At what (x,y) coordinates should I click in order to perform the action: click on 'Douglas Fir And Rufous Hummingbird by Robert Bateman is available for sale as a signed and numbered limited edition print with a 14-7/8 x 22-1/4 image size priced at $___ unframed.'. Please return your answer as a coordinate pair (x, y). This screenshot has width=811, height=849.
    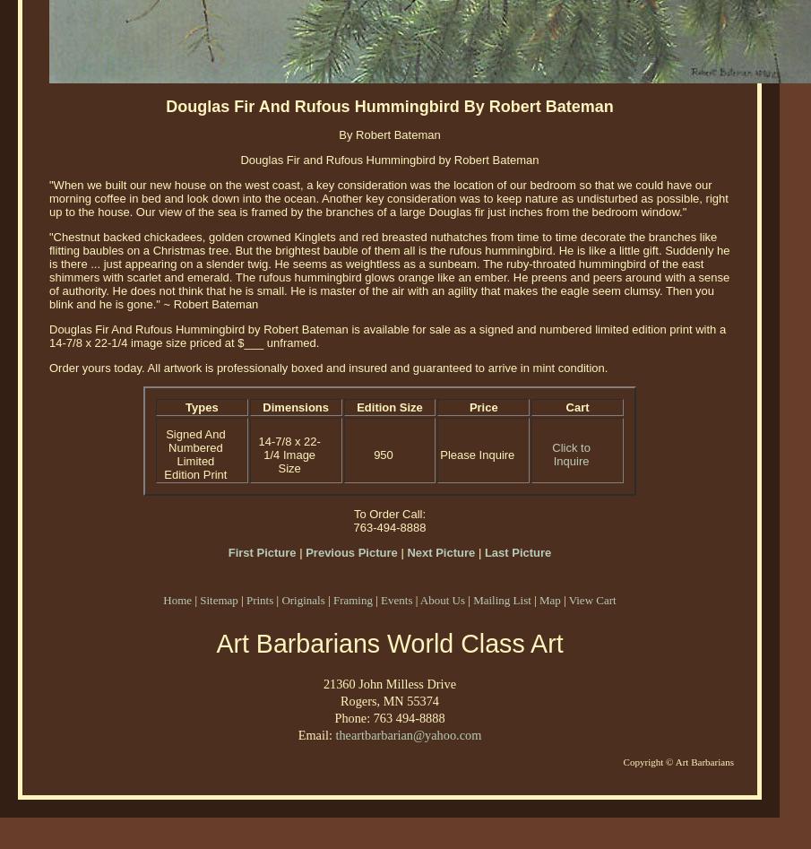
    Looking at the image, I should click on (386, 335).